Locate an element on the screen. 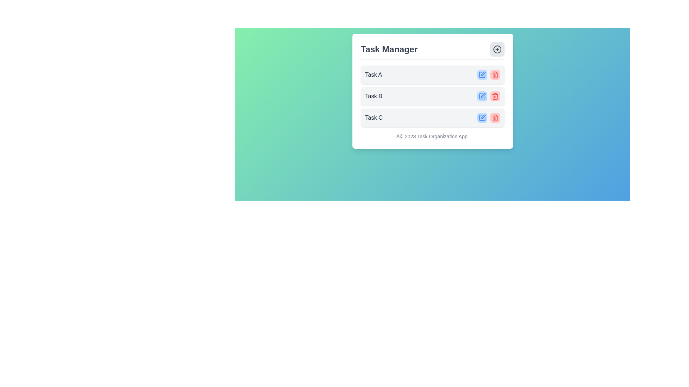 This screenshot has height=387, width=689. the Task list item labeled 'Task C', which is the third task in the list is located at coordinates (432, 117).